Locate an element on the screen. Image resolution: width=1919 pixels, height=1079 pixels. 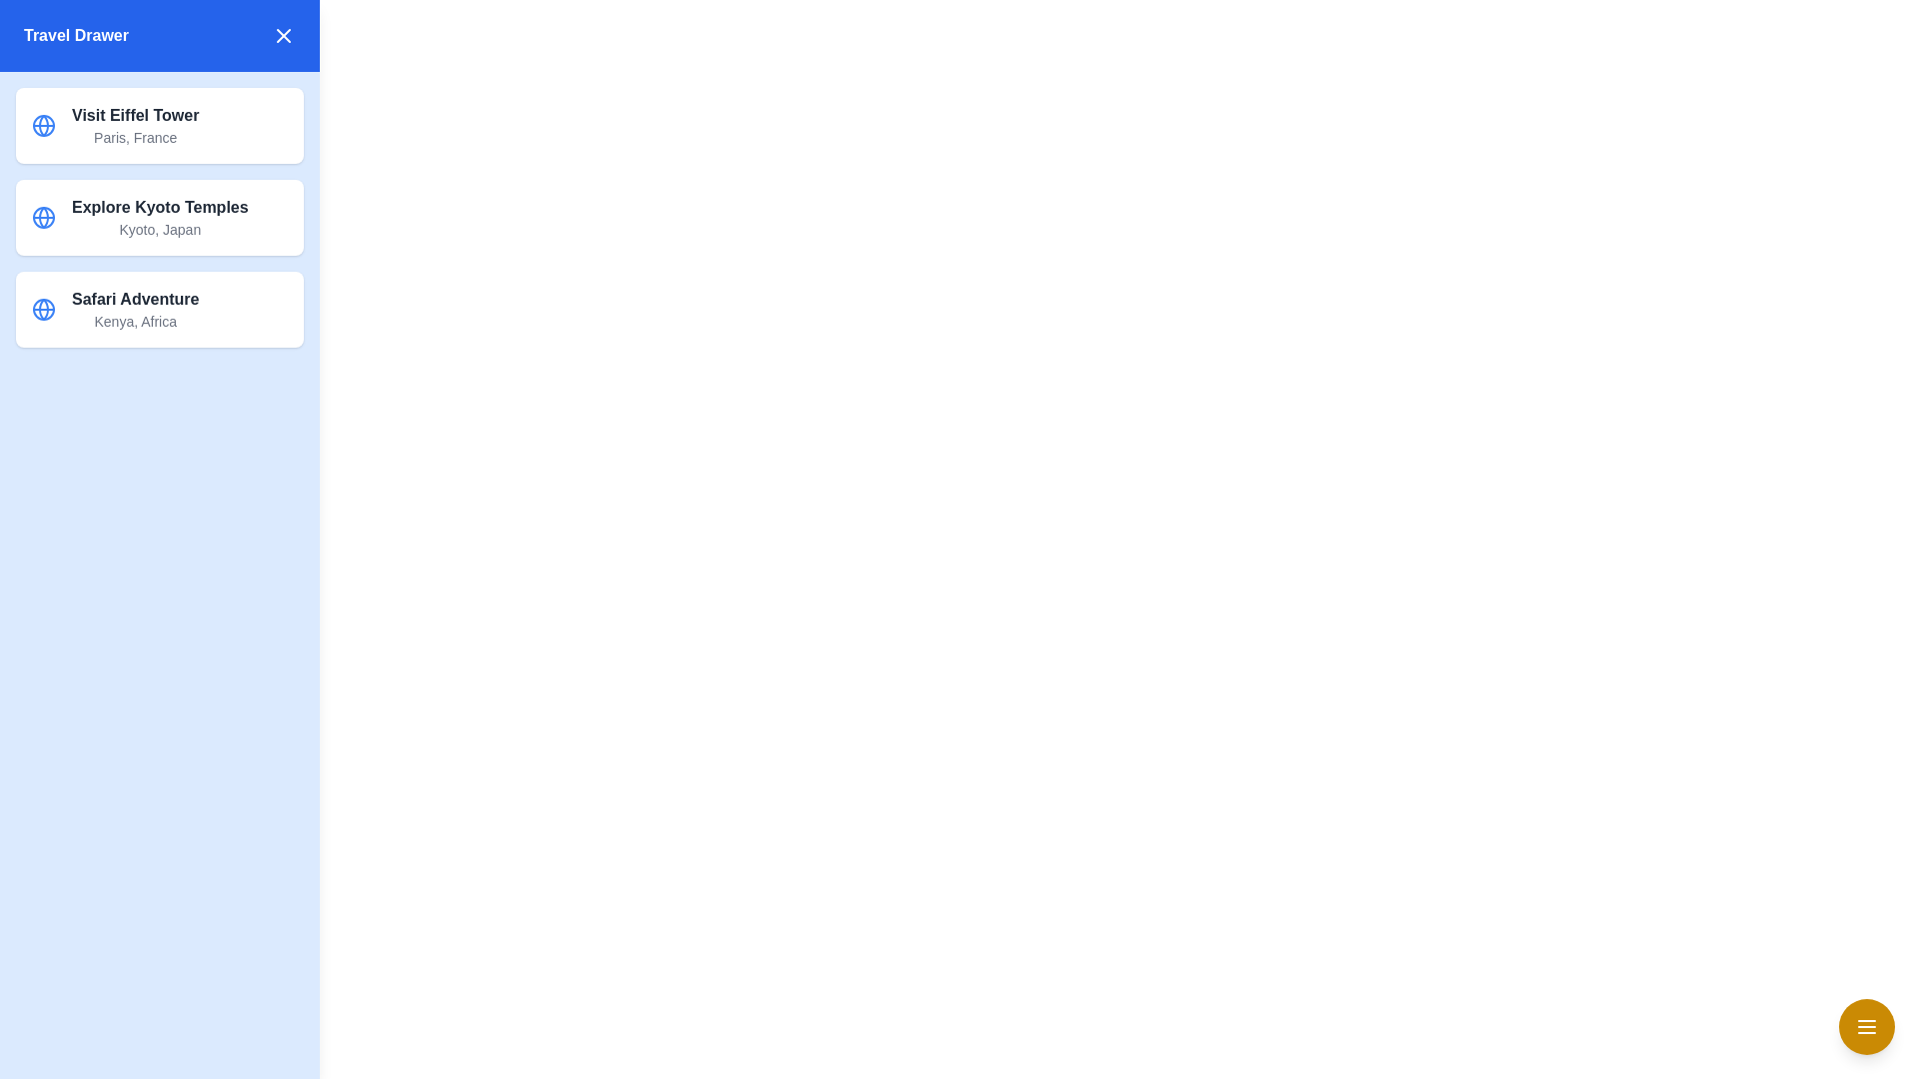
the second selectable card in the travel drawer, which opens details about 'Explore Kyoto Temples' is located at coordinates (158, 218).